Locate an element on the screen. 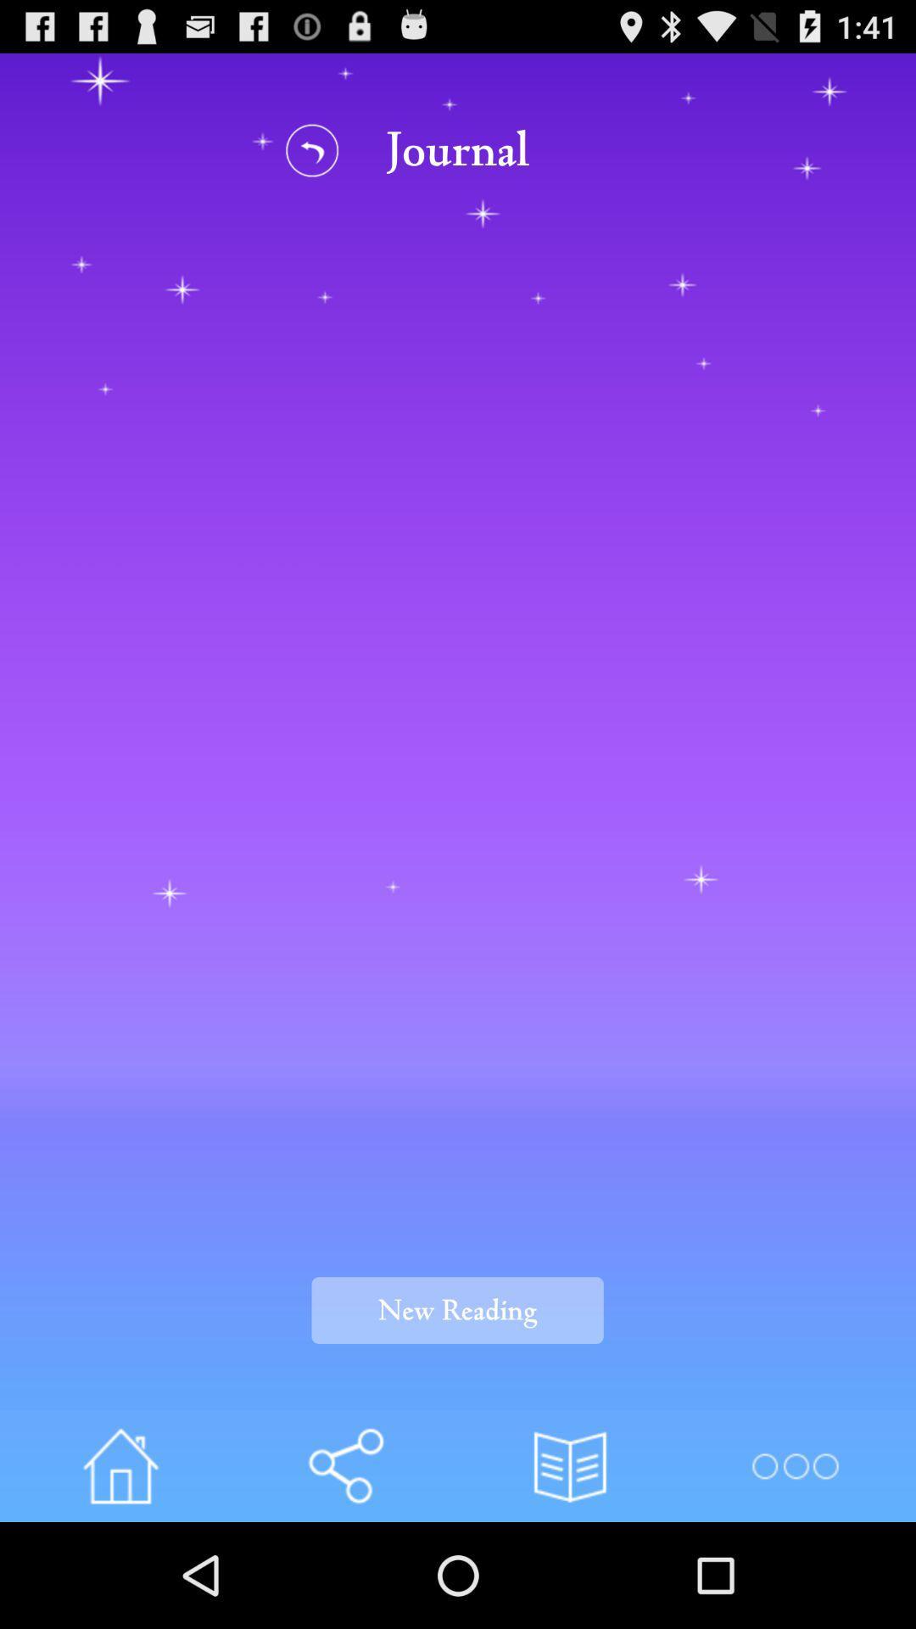 Image resolution: width=916 pixels, height=1629 pixels. home page is located at coordinates (120, 1465).